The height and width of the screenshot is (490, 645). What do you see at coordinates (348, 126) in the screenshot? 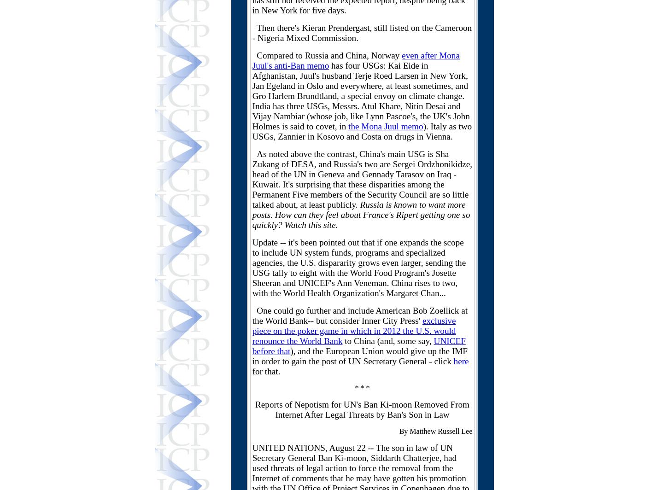
I see `'the
Mona Juul memo'` at bounding box center [348, 126].